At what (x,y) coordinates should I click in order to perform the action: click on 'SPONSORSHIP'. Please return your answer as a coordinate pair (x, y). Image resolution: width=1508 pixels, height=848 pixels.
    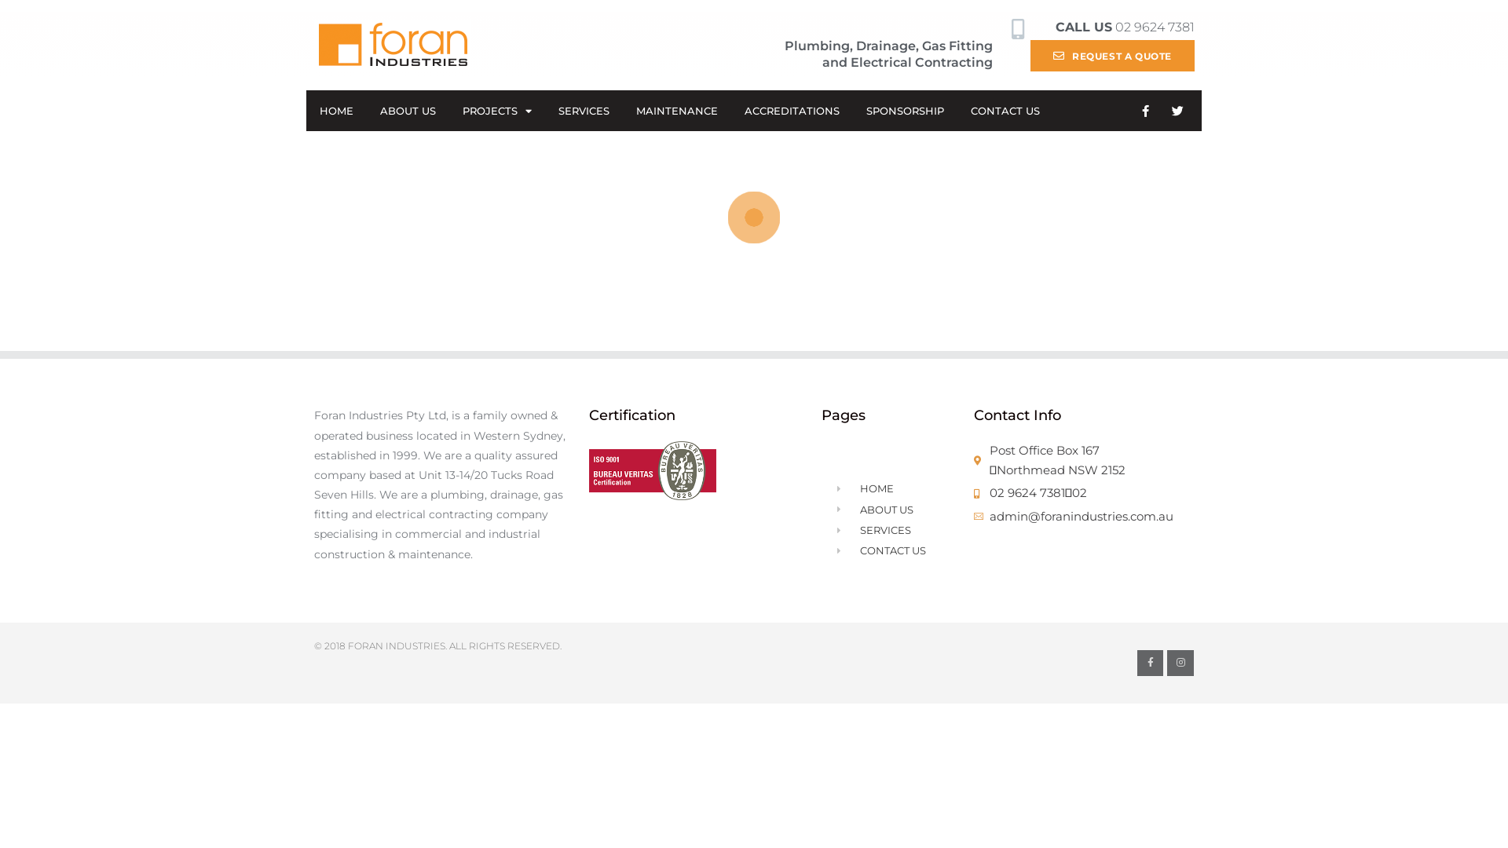
    Looking at the image, I should click on (905, 110).